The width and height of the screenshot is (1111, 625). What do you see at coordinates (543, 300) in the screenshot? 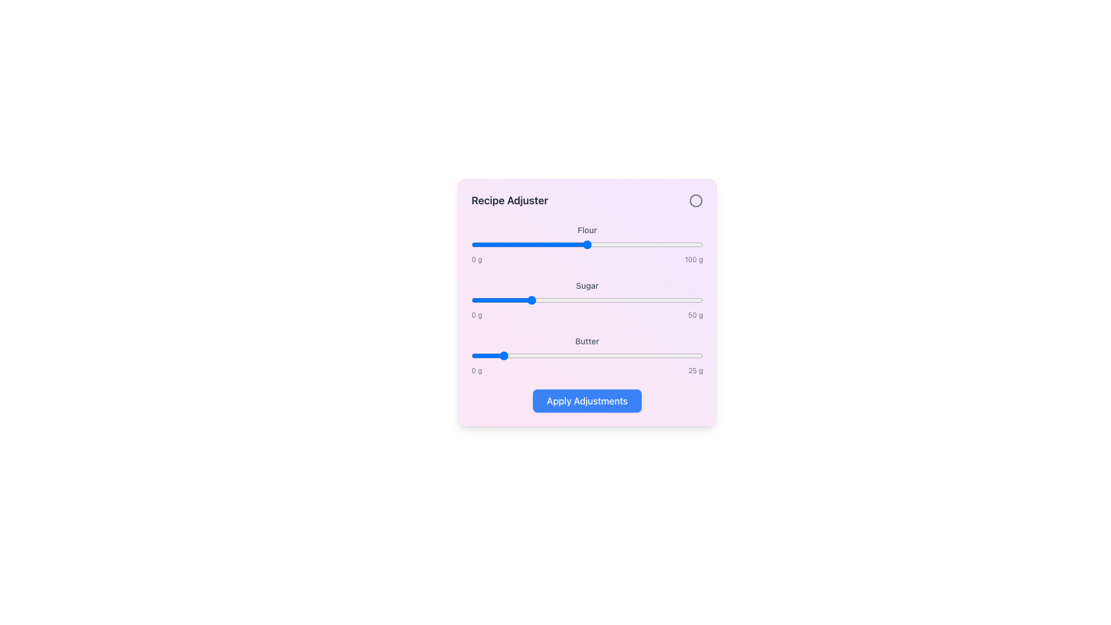
I see `sugar slider` at bounding box center [543, 300].